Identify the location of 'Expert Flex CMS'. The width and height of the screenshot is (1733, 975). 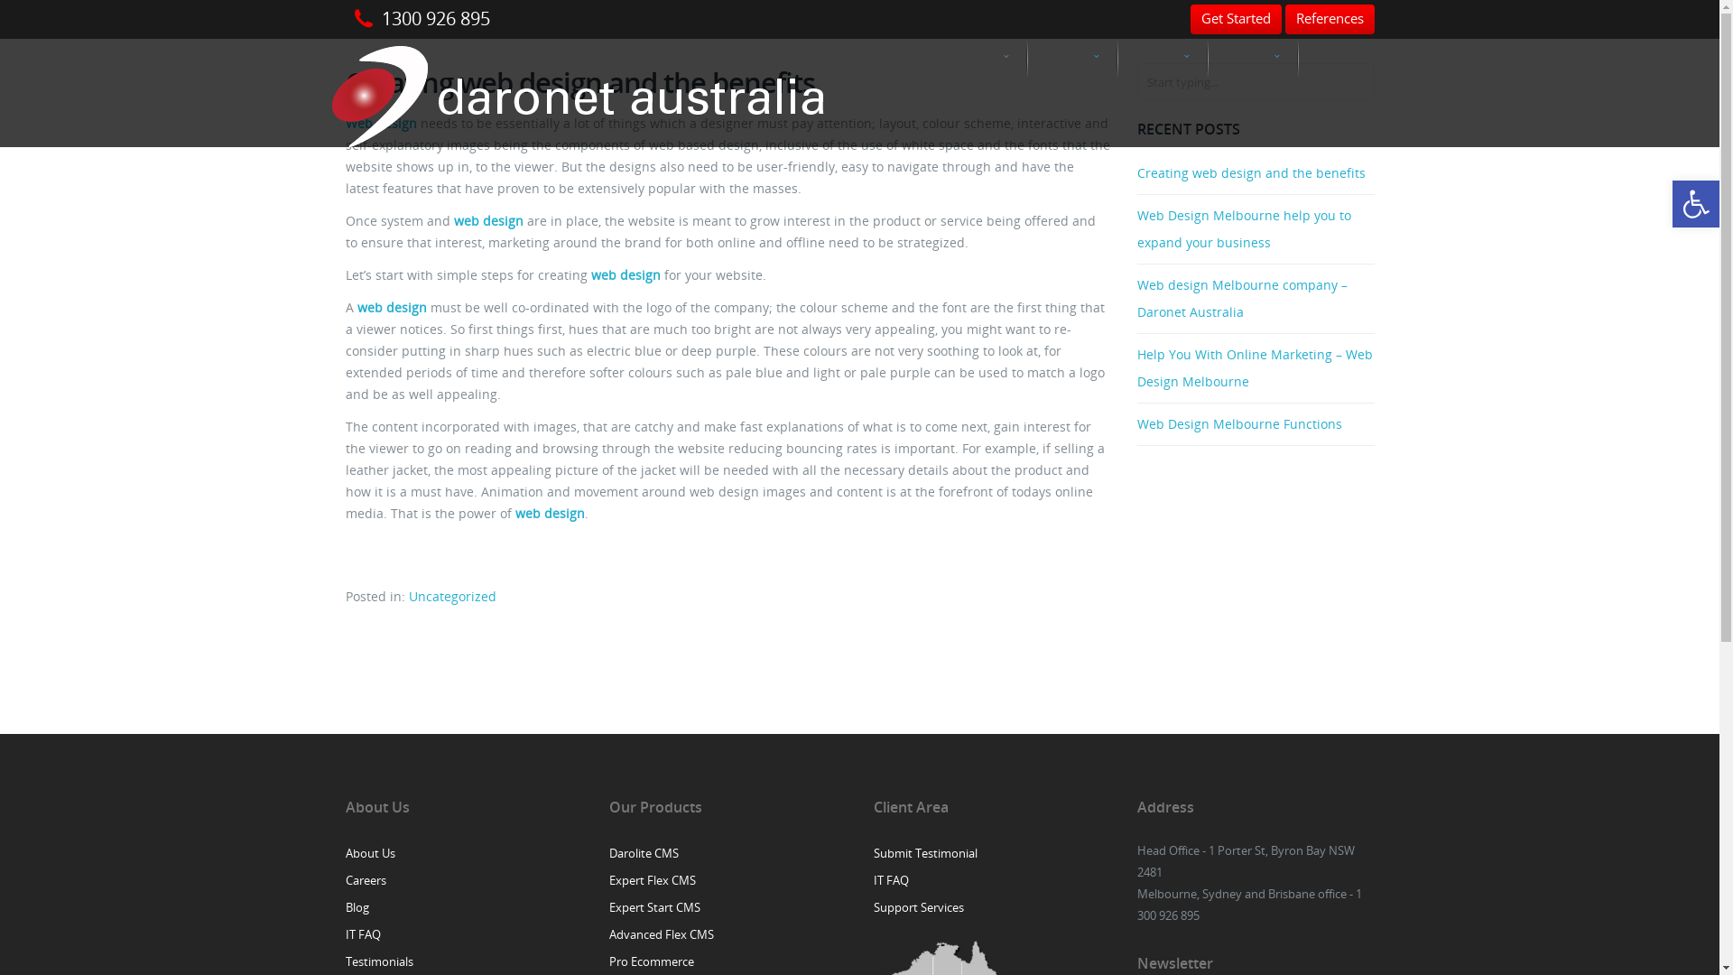
(609, 879).